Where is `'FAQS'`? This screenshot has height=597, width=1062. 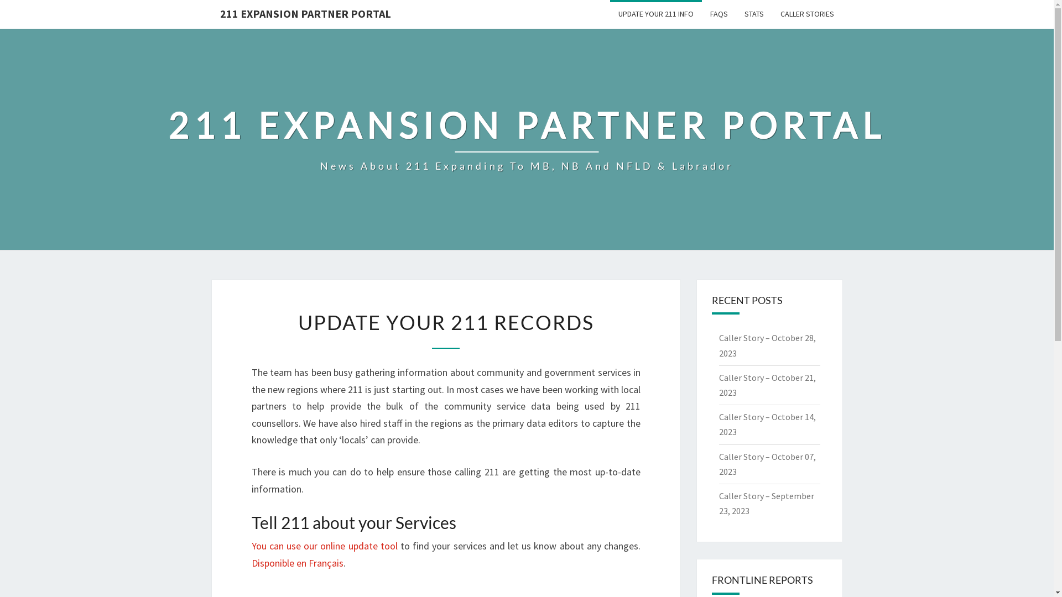
'FAQS' is located at coordinates (719, 14).